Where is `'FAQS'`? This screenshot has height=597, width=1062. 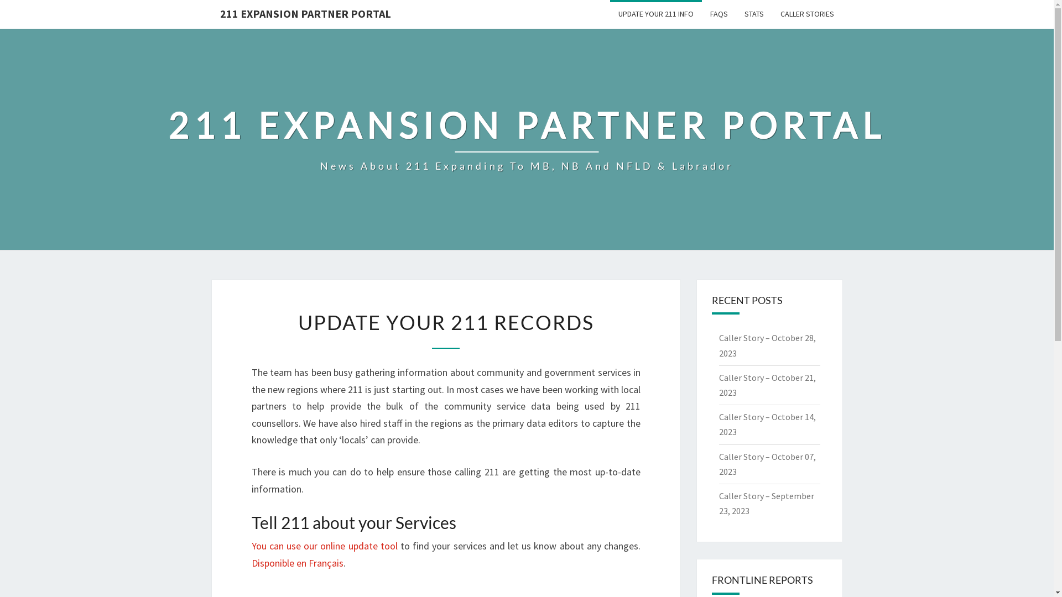
'FAQS' is located at coordinates (719, 14).